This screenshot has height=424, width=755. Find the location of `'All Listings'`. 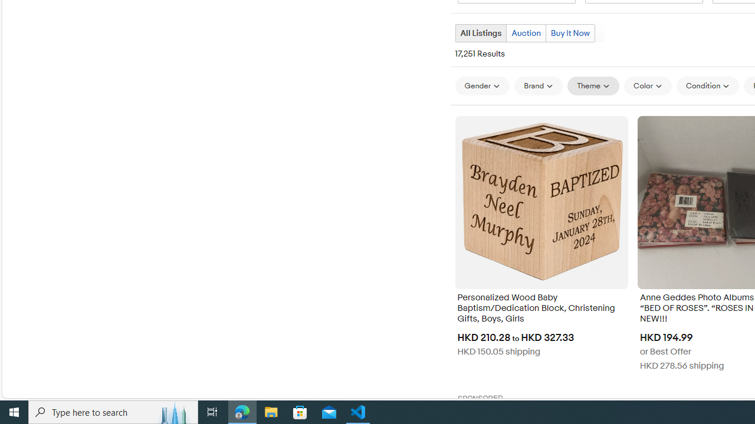

'All Listings' is located at coordinates (480, 32).